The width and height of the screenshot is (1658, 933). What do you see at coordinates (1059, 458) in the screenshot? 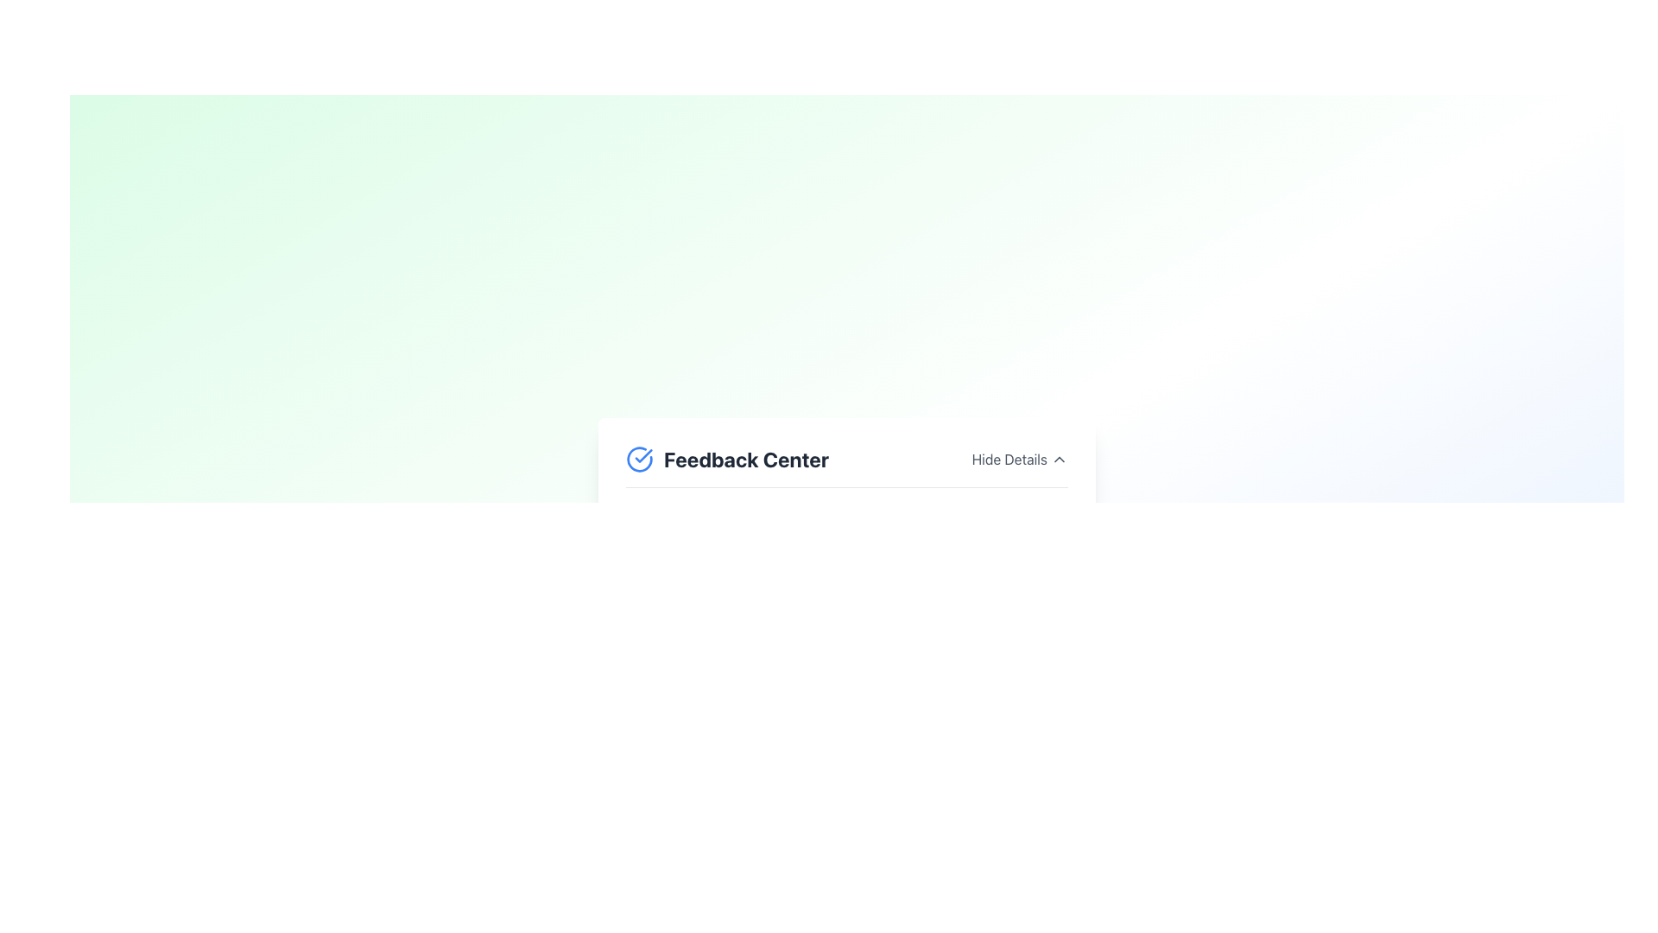
I see `the toggle icon located to the immediate right of the 'Hide Details' text` at bounding box center [1059, 458].